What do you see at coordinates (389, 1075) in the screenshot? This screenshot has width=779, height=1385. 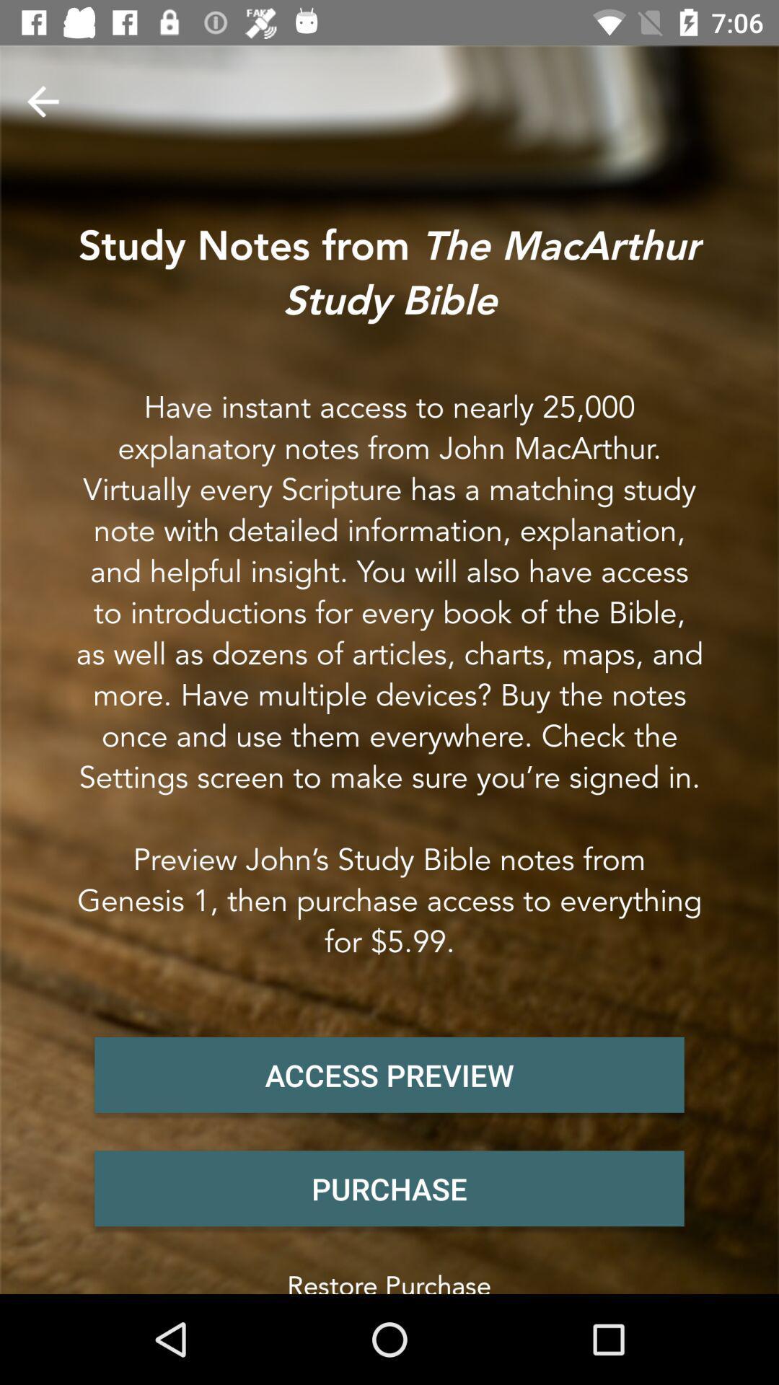 I see `the item below have instant access item` at bounding box center [389, 1075].